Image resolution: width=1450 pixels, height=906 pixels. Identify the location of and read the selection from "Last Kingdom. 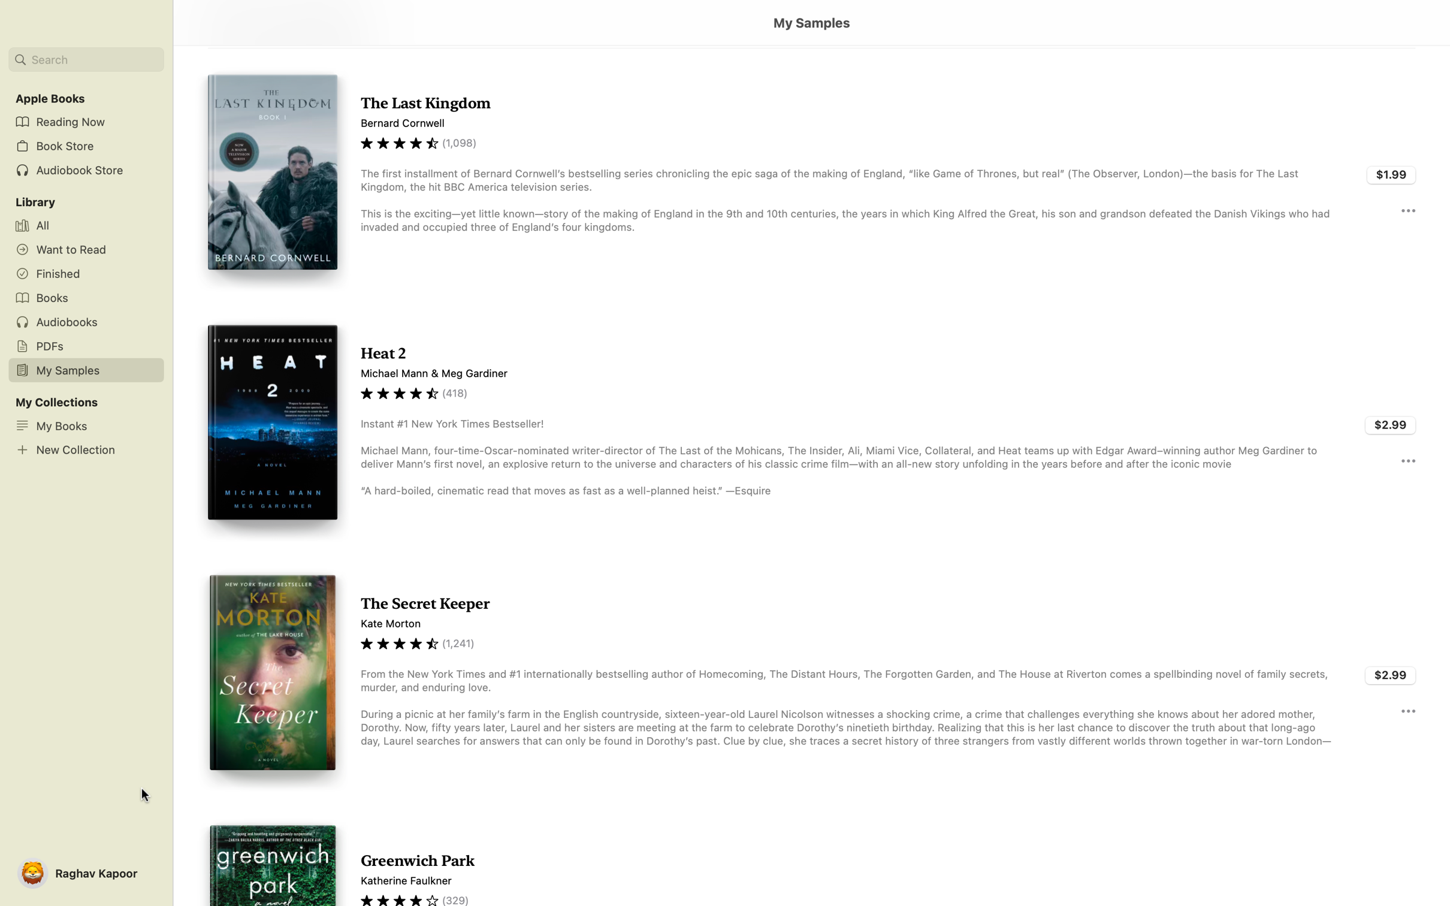
(811, 173).